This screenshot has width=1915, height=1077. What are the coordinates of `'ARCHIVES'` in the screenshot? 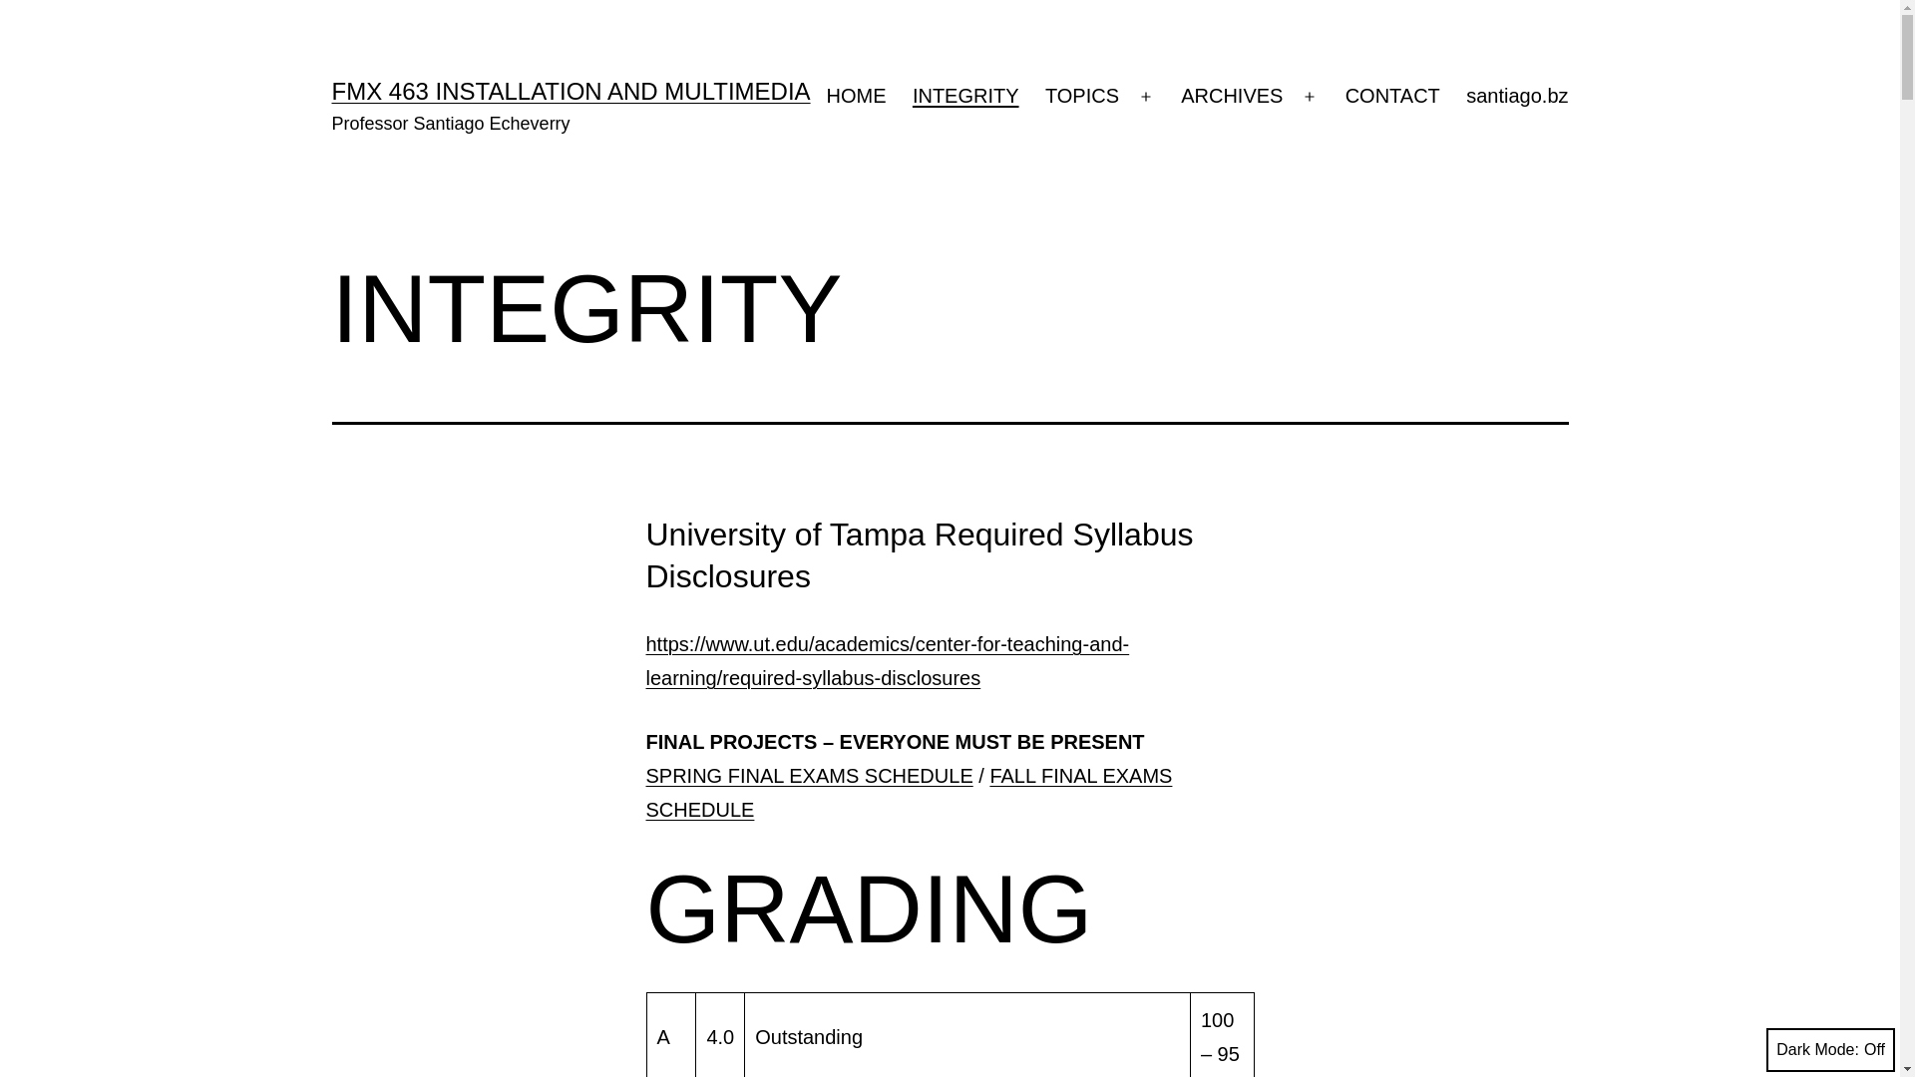 It's located at (1168, 96).